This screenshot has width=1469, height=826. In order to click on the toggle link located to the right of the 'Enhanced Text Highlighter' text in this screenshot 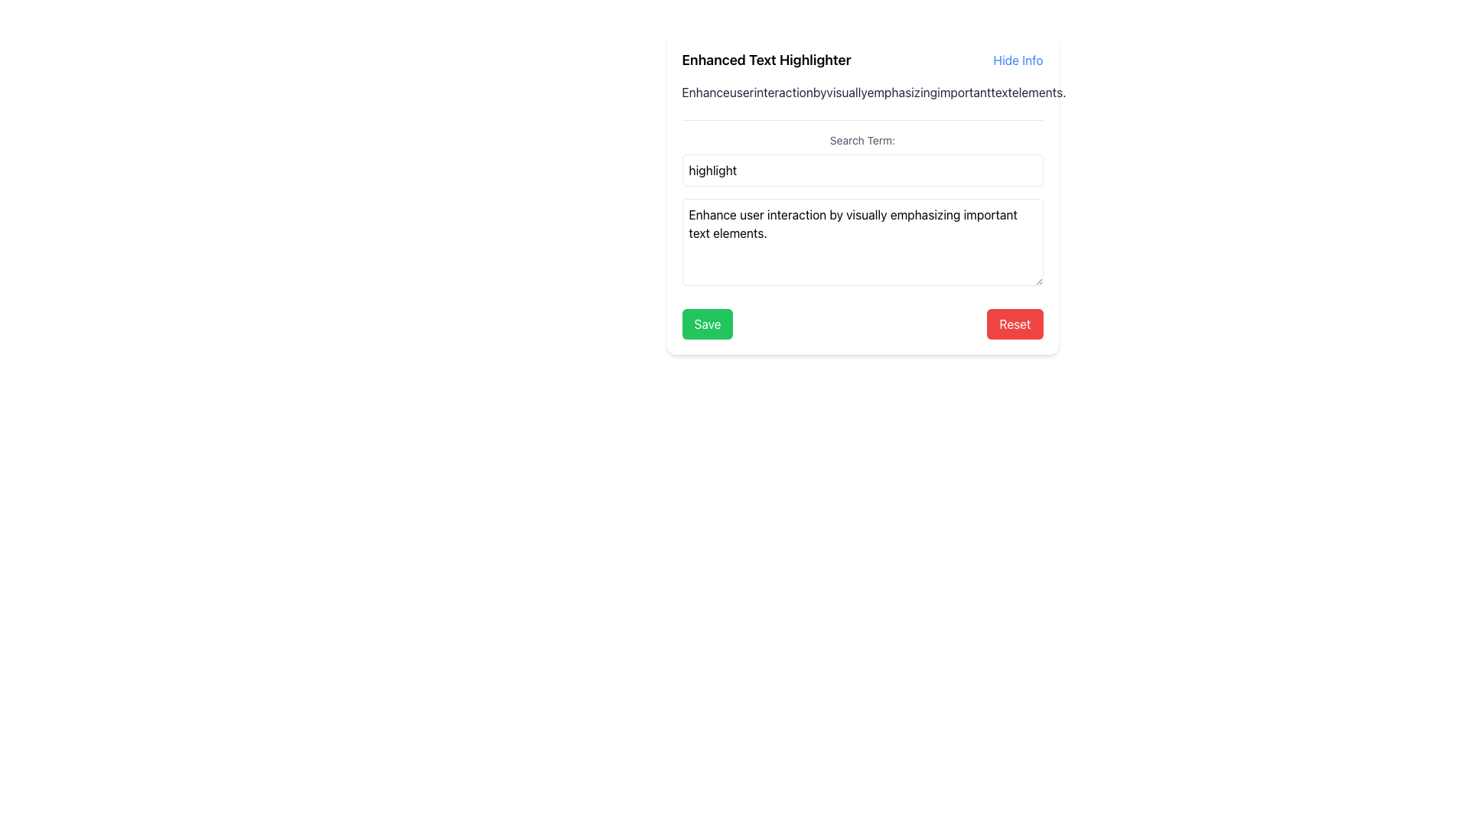, I will do `click(1018, 59)`.